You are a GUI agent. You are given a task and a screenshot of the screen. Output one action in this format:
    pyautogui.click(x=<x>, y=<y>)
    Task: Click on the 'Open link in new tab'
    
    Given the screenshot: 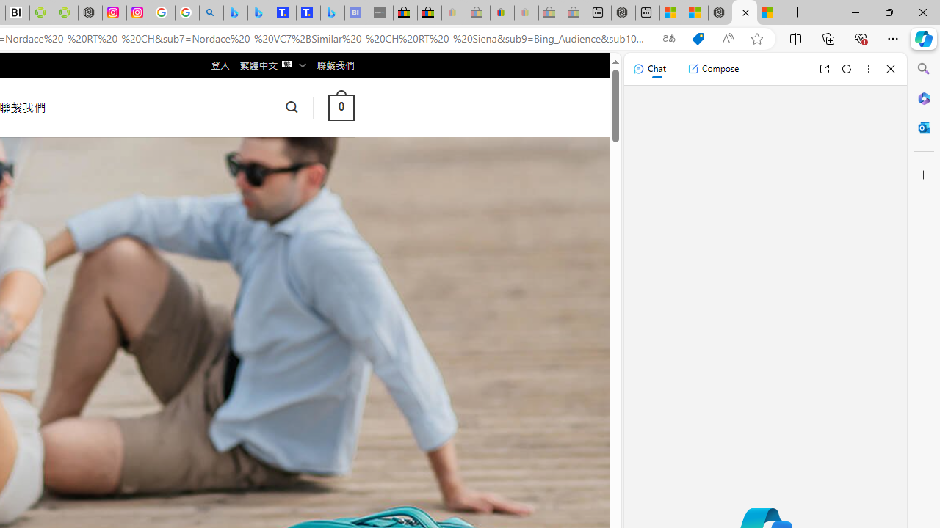 What is the action you would take?
    pyautogui.click(x=824, y=68)
    